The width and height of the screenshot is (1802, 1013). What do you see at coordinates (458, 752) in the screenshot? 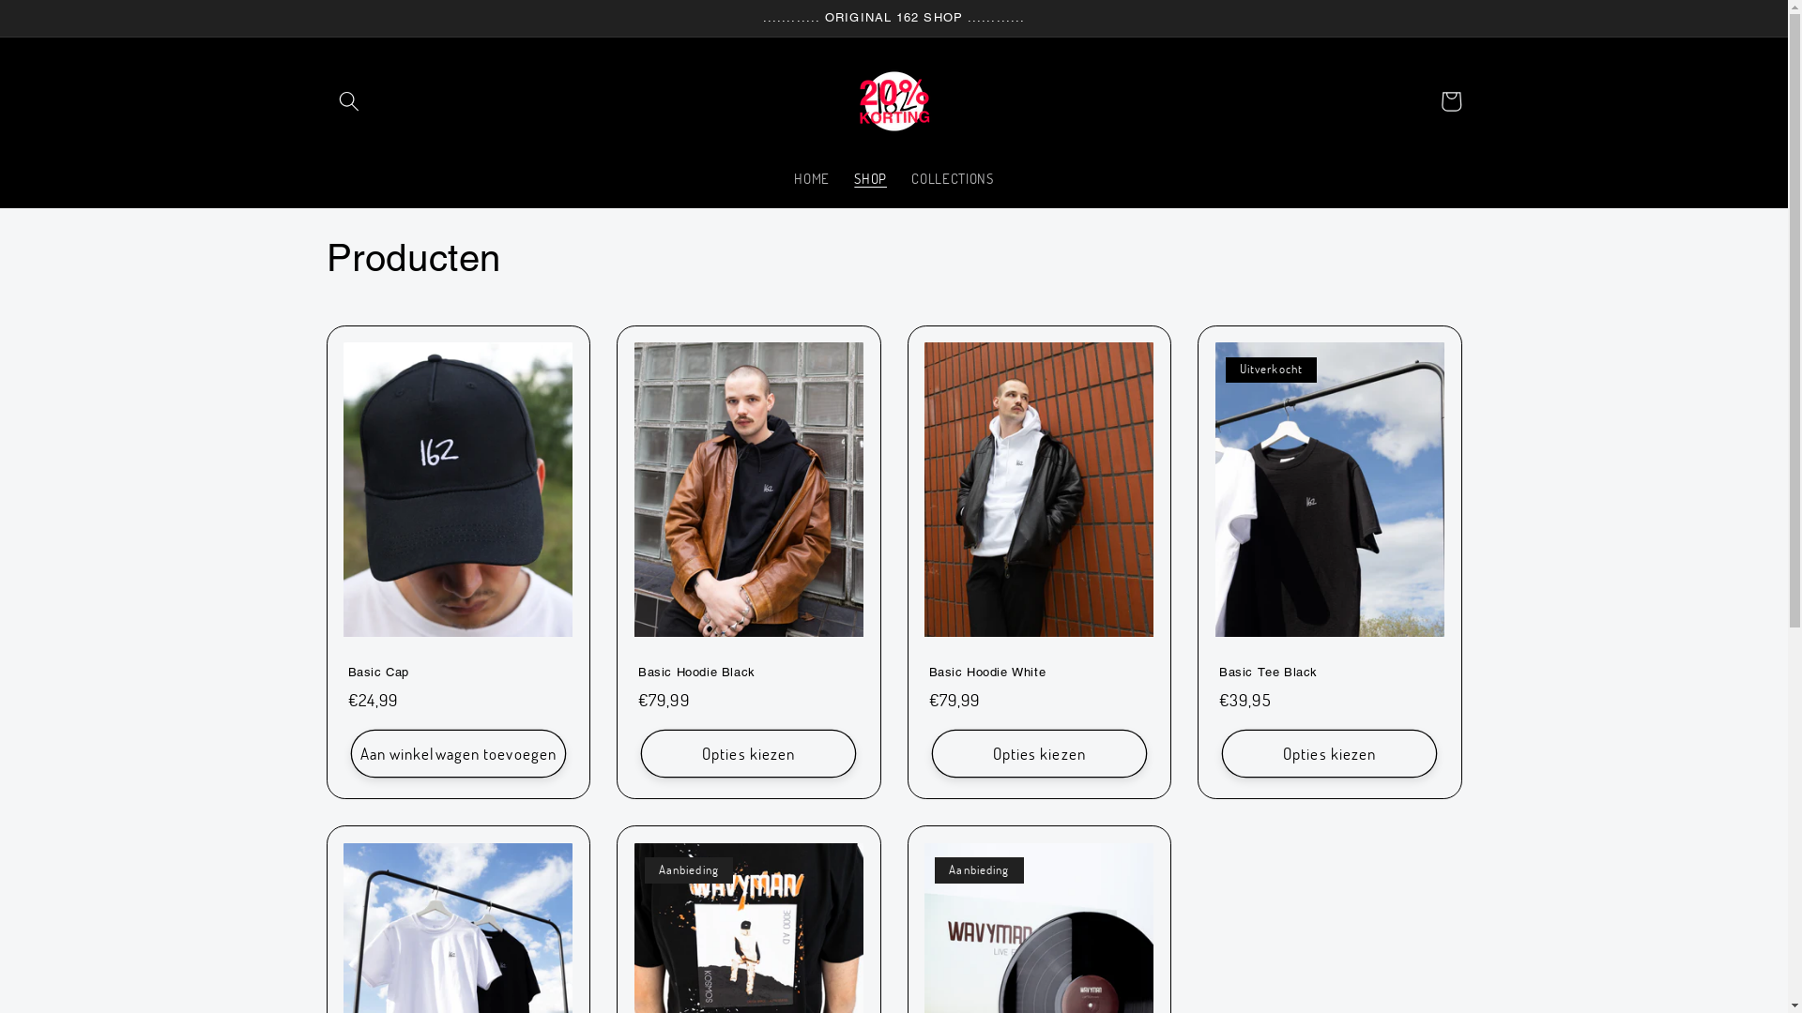
I see `'Aan winkelwagen toevoegen'` at bounding box center [458, 752].